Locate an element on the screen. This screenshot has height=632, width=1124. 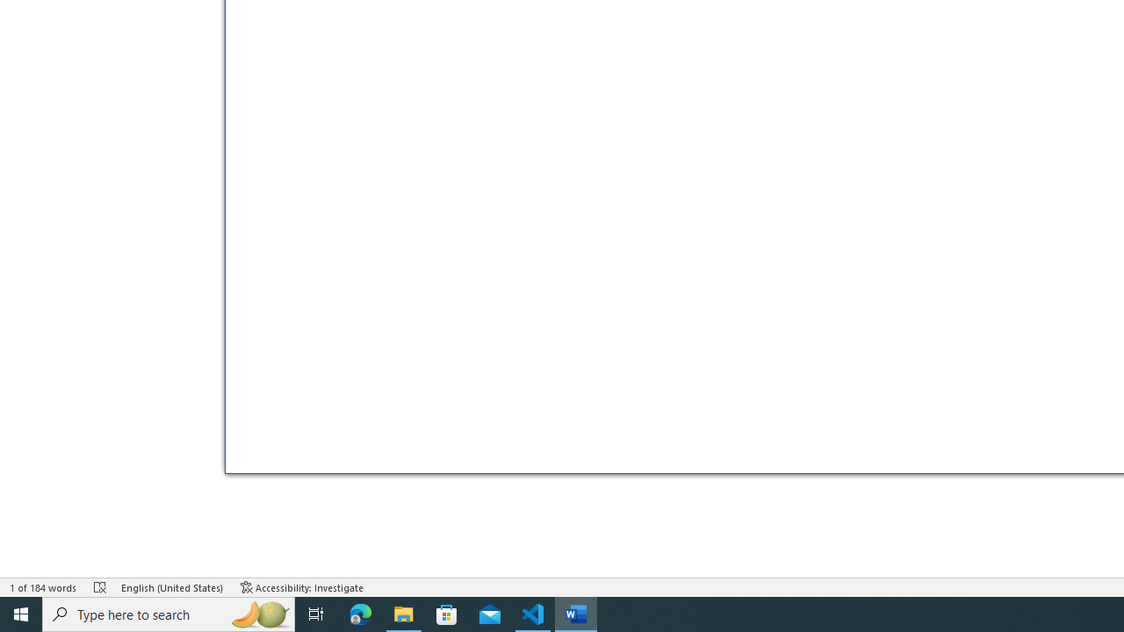
'Language English (United States)' is located at coordinates (172, 587).